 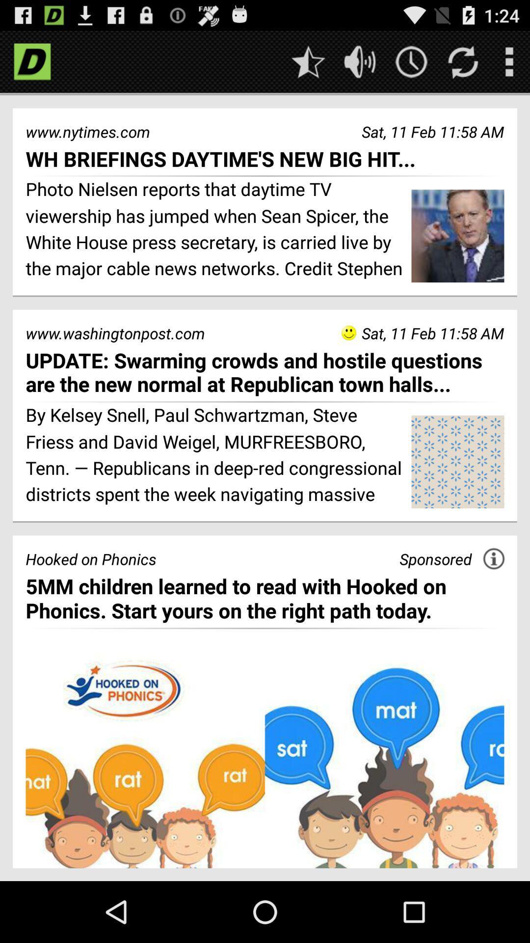 What do you see at coordinates (411, 65) in the screenshot?
I see `the time icon` at bounding box center [411, 65].